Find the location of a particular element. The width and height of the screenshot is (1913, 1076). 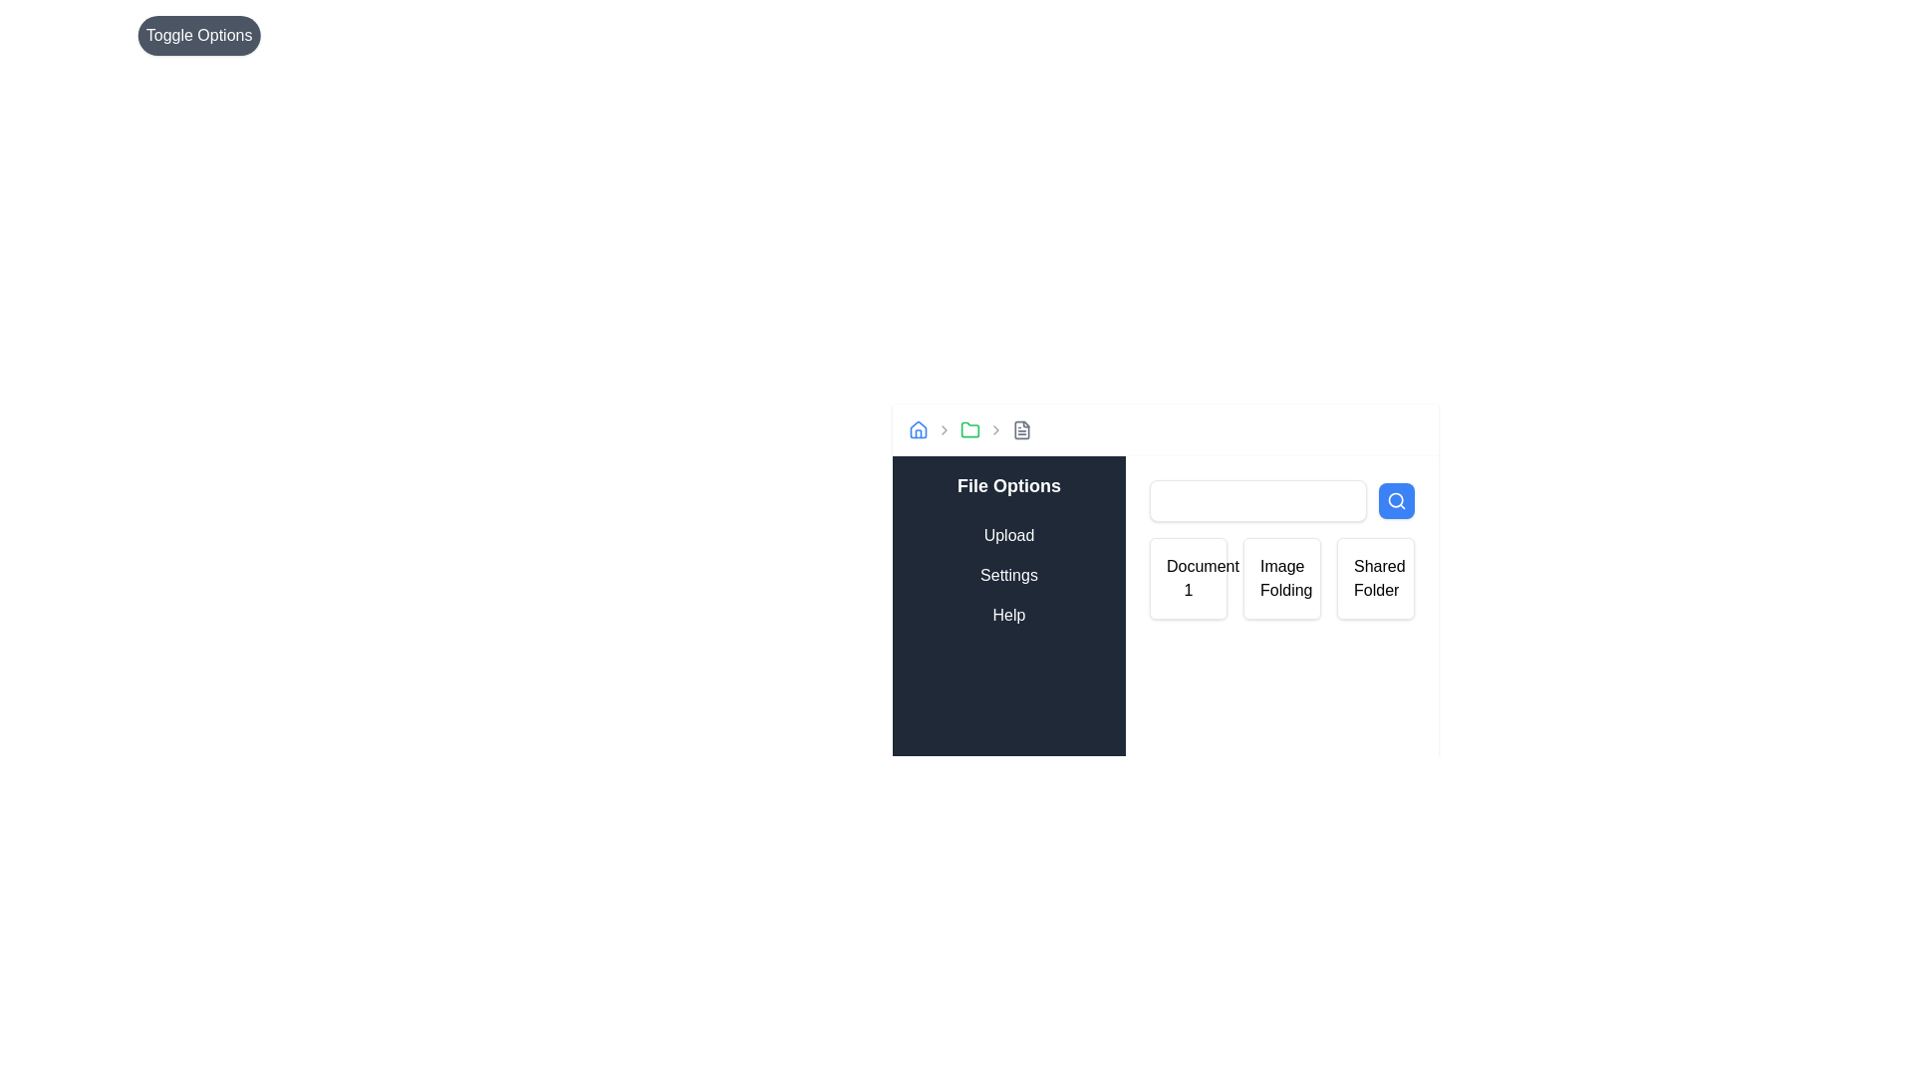

Text Label that serves as a heading for the file options section in the vertical navigation menu located on the left side of the interface is located at coordinates (1008, 486).